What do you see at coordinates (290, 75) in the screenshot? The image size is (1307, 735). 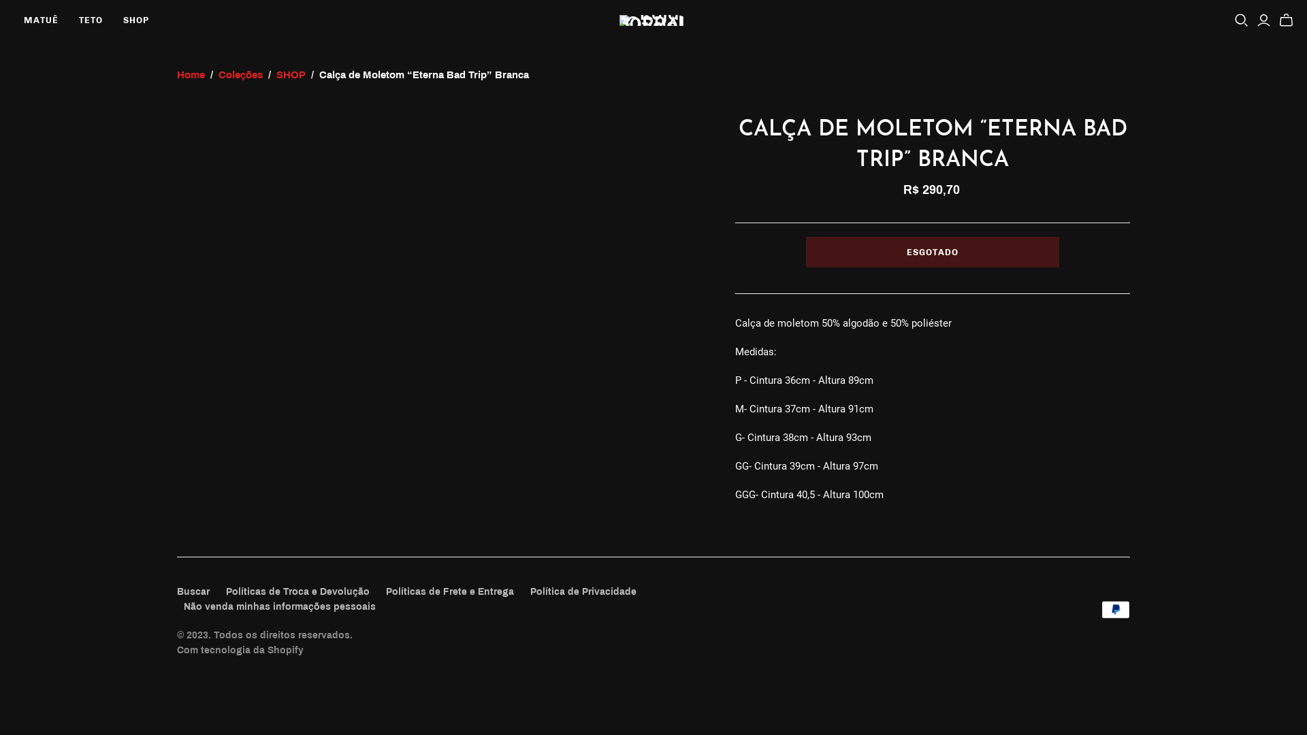 I see `'SHOP'` at bounding box center [290, 75].